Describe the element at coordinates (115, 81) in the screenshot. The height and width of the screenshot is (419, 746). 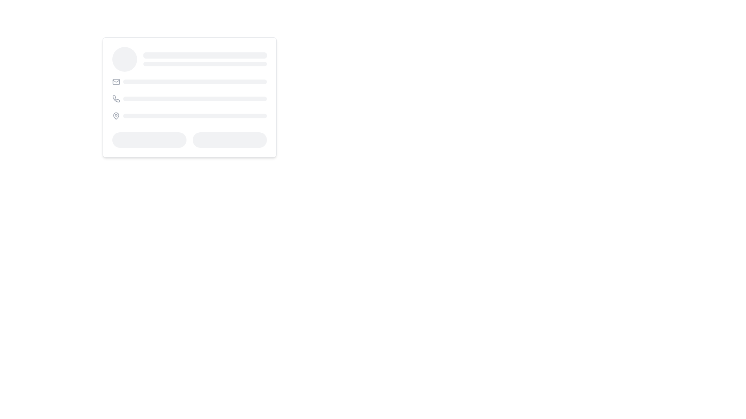
I see `the triangular mail envelope icon representing email functionality, which is visually characterized by its minimalist outline design and positioned next to a text-related element` at that location.